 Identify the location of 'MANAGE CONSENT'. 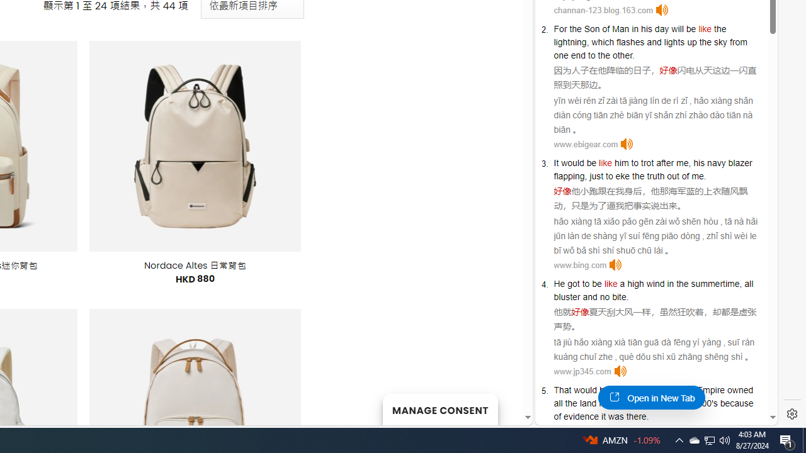
(440, 409).